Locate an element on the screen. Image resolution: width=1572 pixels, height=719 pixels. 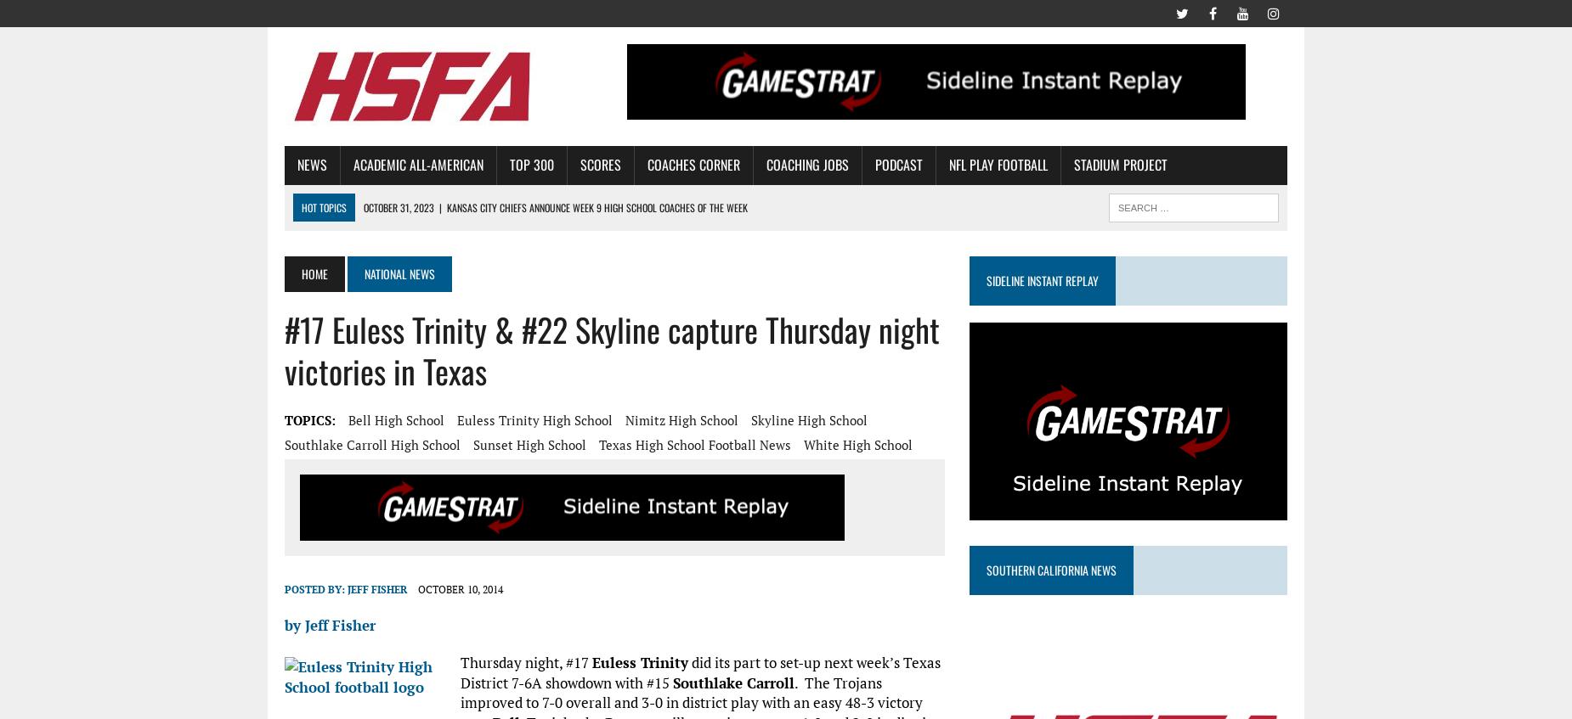
'New England Patriots honor O’Bryant High School’s Kevin Gadson Coach of the Week' is located at coordinates (567, 374).